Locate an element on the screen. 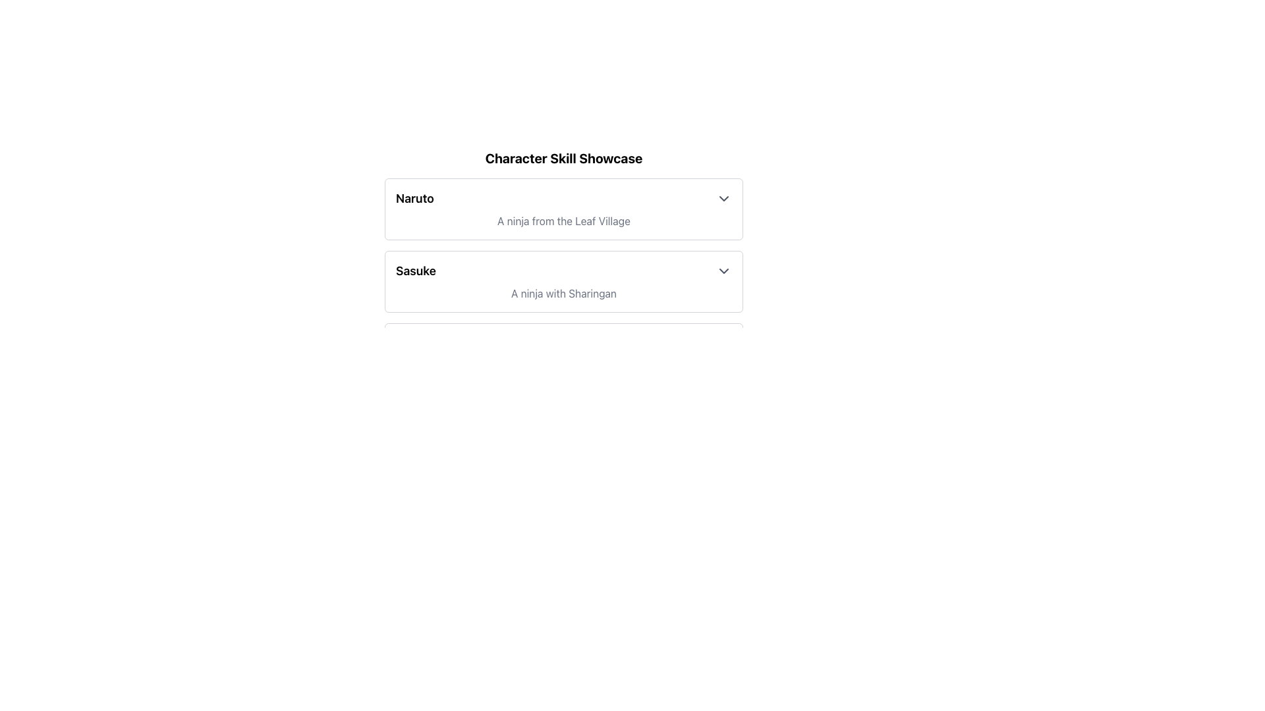  the dropdown menu labeled 'Naruto' is located at coordinates (563, 198).